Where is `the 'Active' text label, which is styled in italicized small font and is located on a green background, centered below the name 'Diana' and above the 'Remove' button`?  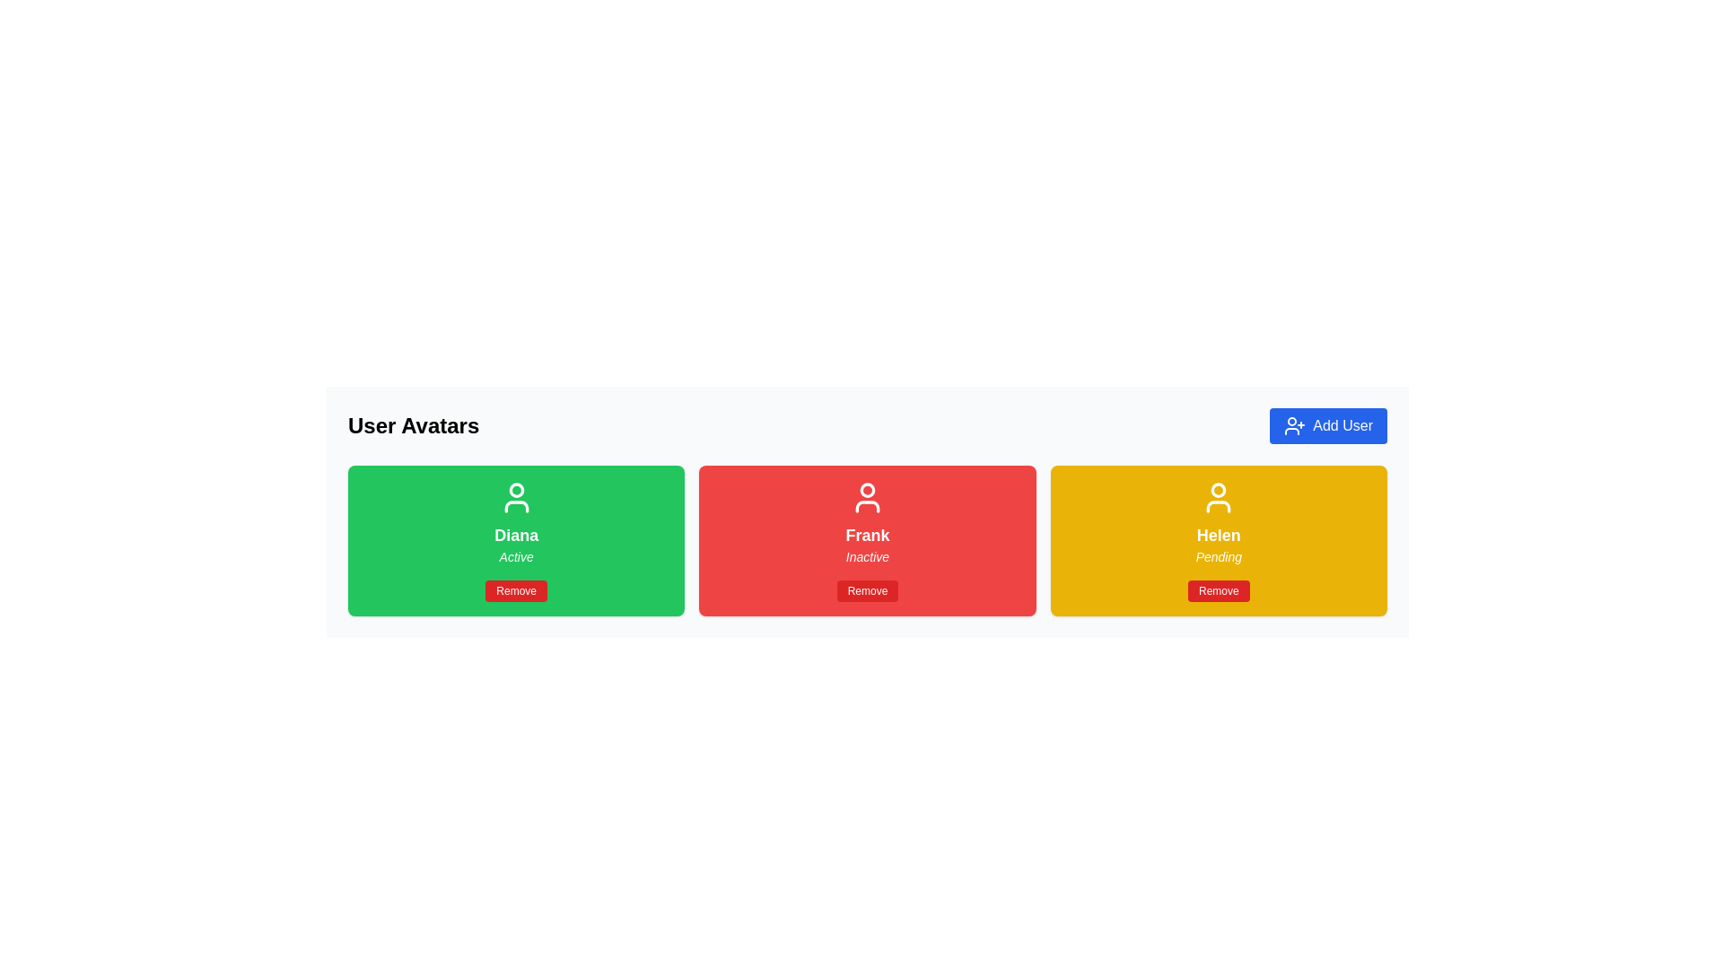 the 'Active' text label, which is styled in italicized small font and is located on a green background, centered below the name 'Diana' and above the 'Remove' button is located at coordinates (515, 556).